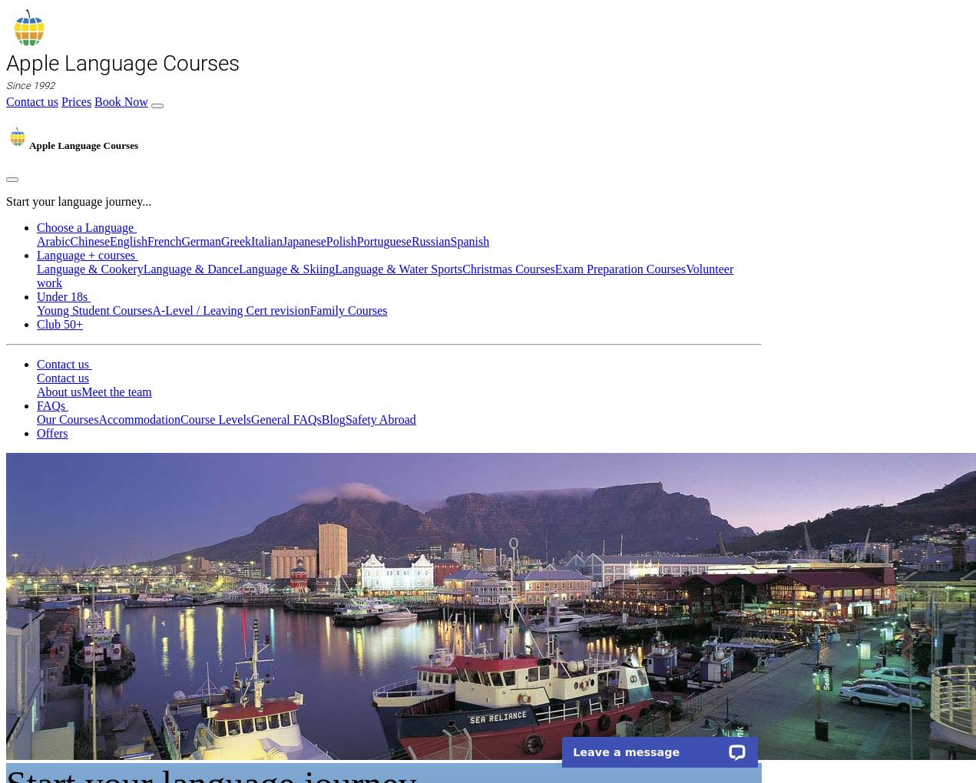 This screenshot has width=976, height=783. What do you see at coordinates (78, 200) in the screenshot?
I see `'Start your language journey...'` at bounding box center [78, 200].